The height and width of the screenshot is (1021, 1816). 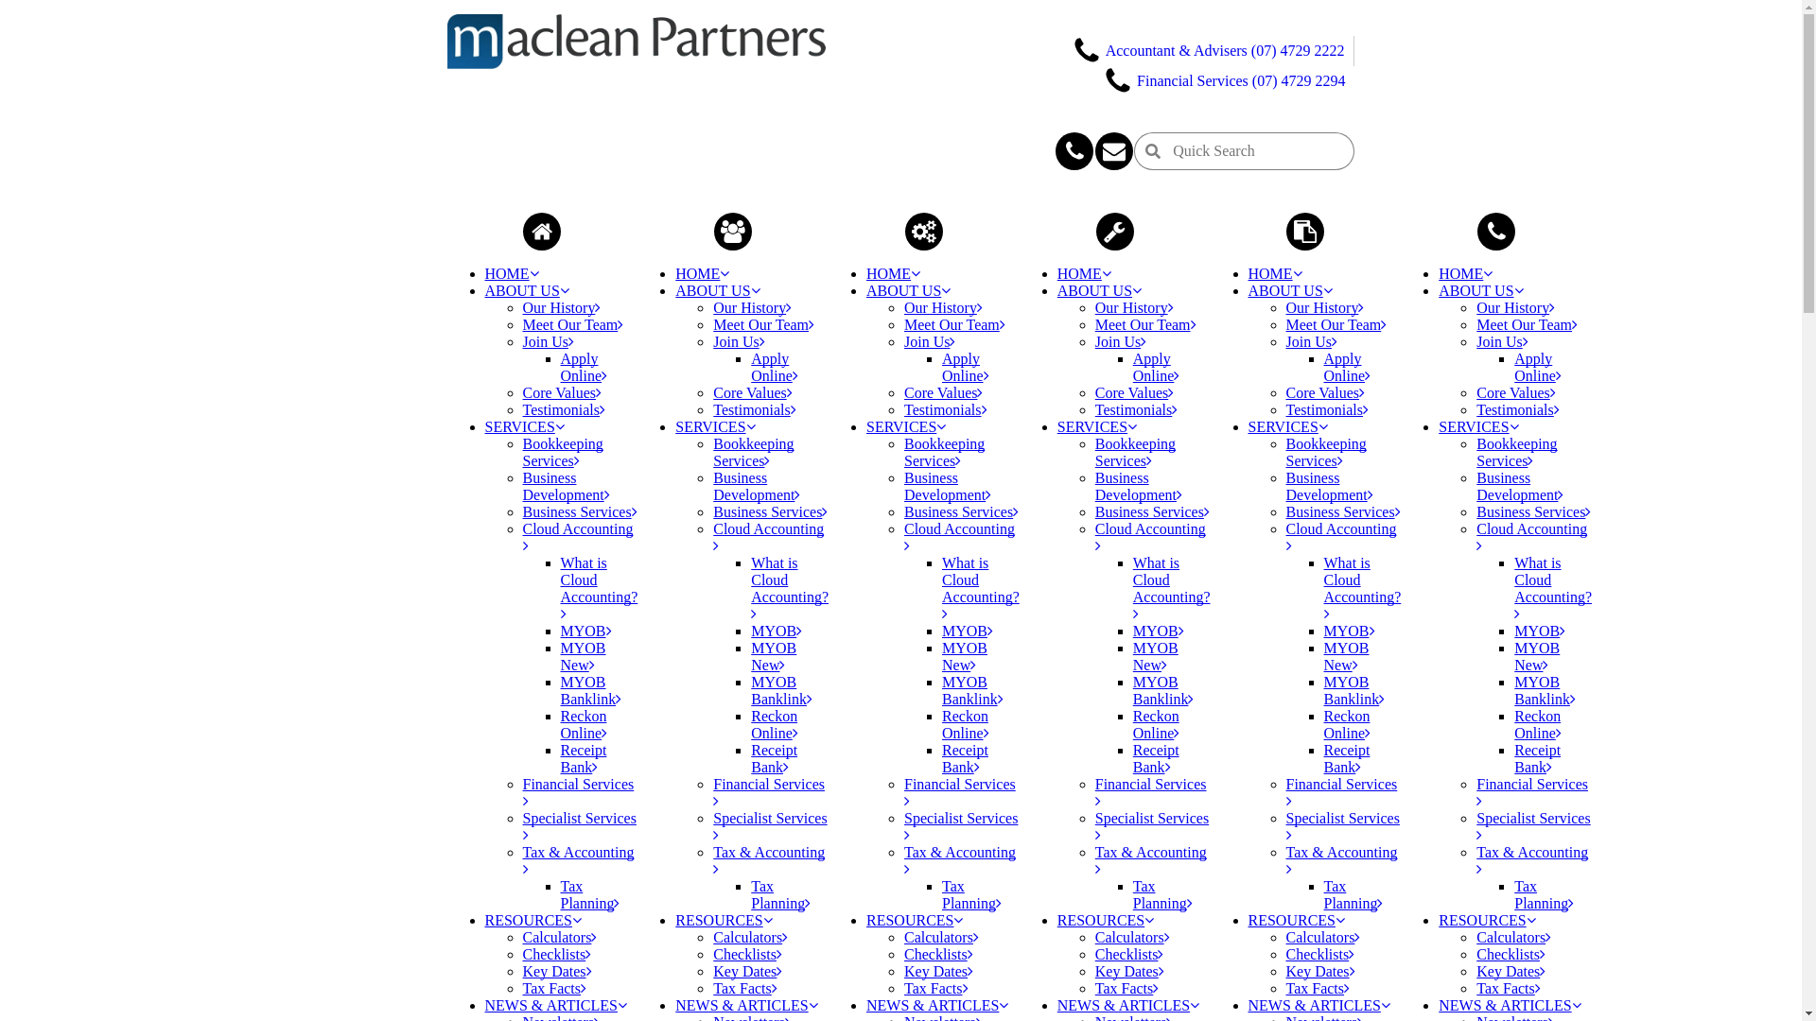 What do you see at coordinates (576, 860) in the screenshot?
I see `'Tax & Accounting'` at bounding box center [576, 860].